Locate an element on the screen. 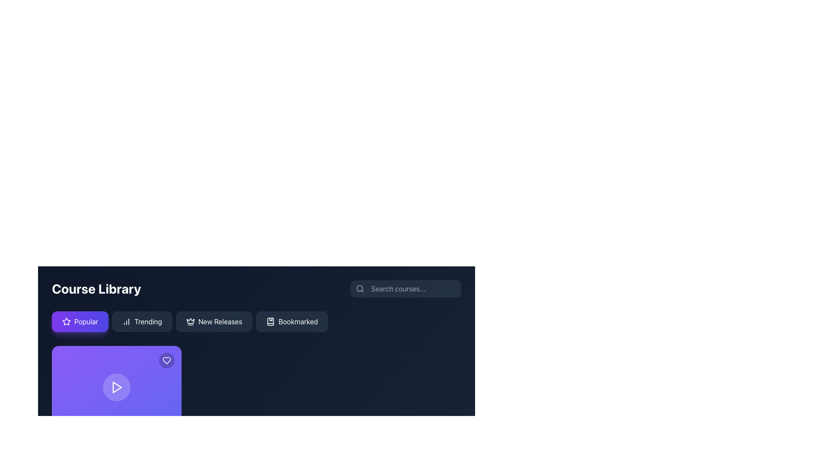 The image size is (830, 467). 'Popular' label that indicates its functionality related to filtering content for popular items, located below the 'Course Library' text is located at coordinates (86, 322).